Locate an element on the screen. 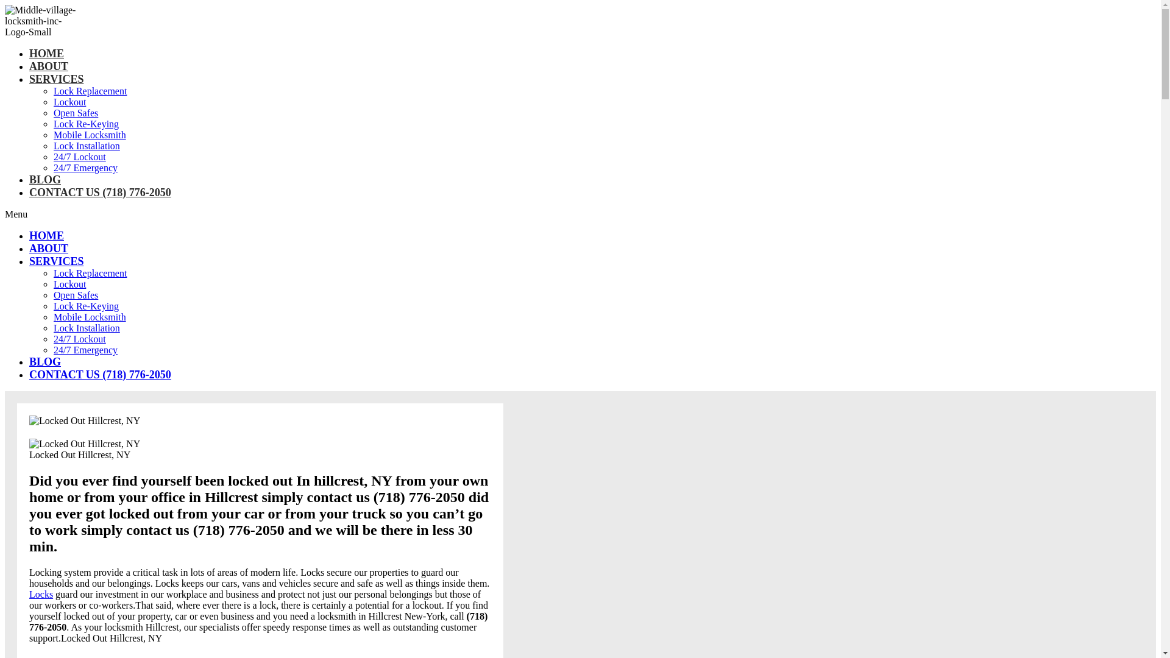 The height and width of the screenshot is (658, 1170). 'ABOUT' is located at coordinates (49, 248).